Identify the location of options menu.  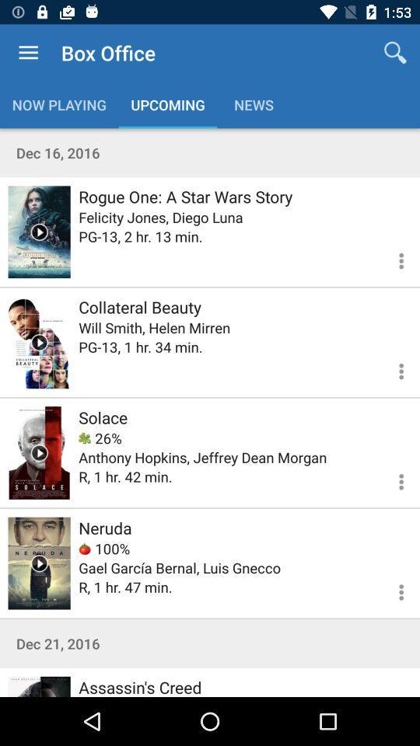
(391, 479).